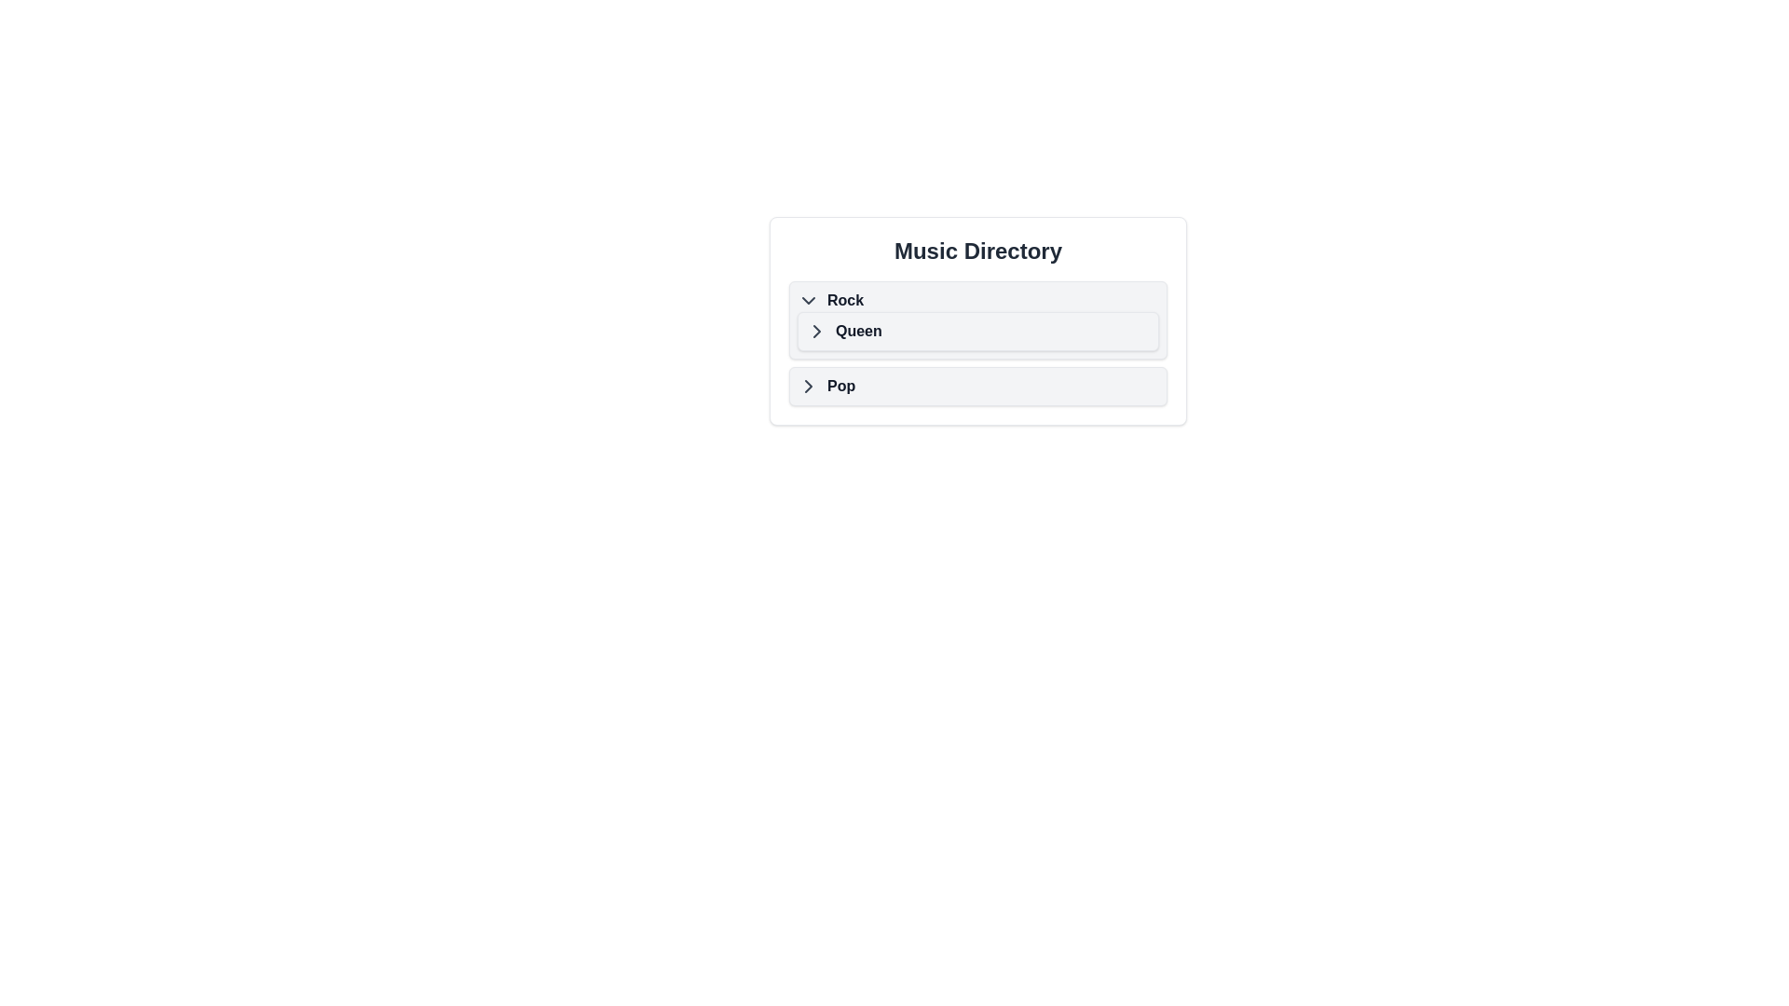  Describe the element at coordinates (817, 330) in the screenshot. I see `the right-pointing chevron icon used for navigation in the 'Rock' category under 'Music Directory', positioned to the left of the text label 'Queen'` at that location.